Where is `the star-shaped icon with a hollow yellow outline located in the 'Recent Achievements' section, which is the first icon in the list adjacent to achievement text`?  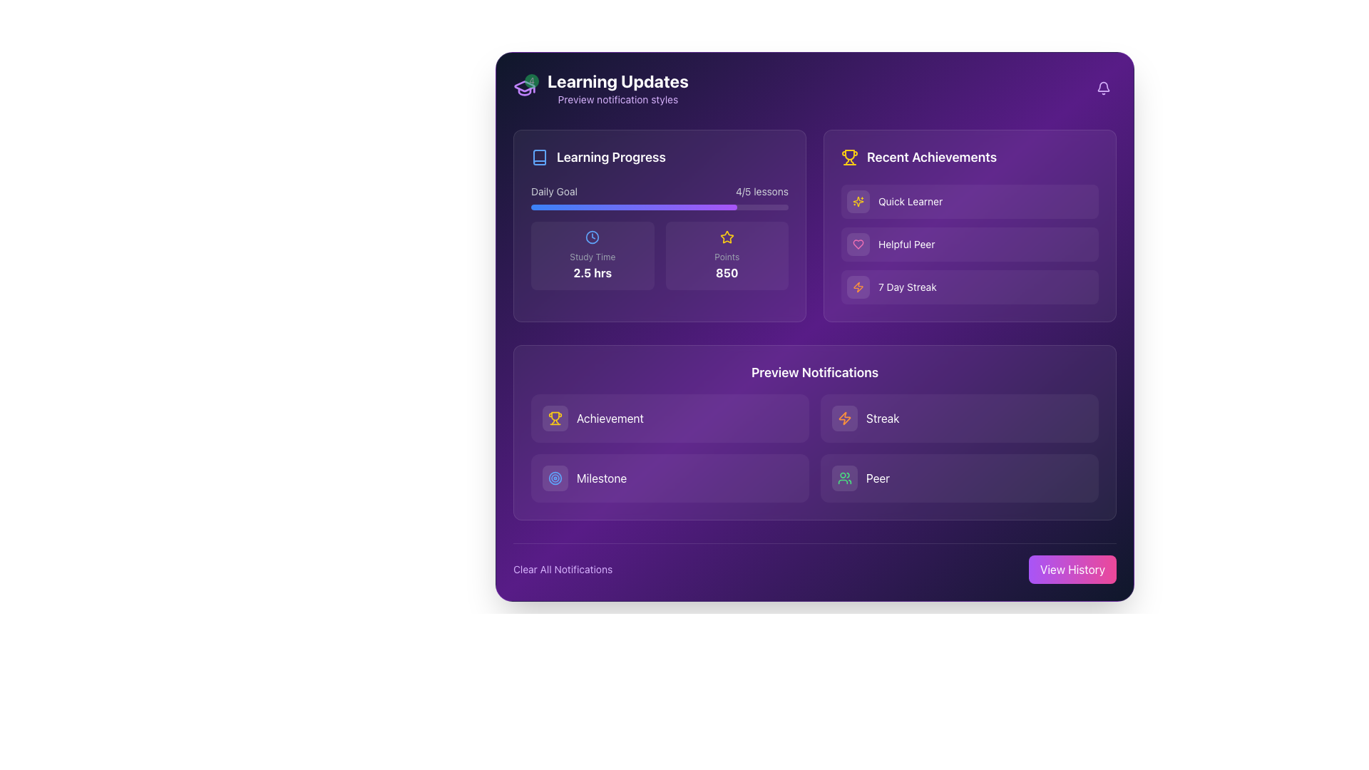
the star-shaped icon with a hollow yellow outline located in the 'Recent Achievements' section, which is the first icon in the list adjacent to achievement text is located at coordinates (727, 236).